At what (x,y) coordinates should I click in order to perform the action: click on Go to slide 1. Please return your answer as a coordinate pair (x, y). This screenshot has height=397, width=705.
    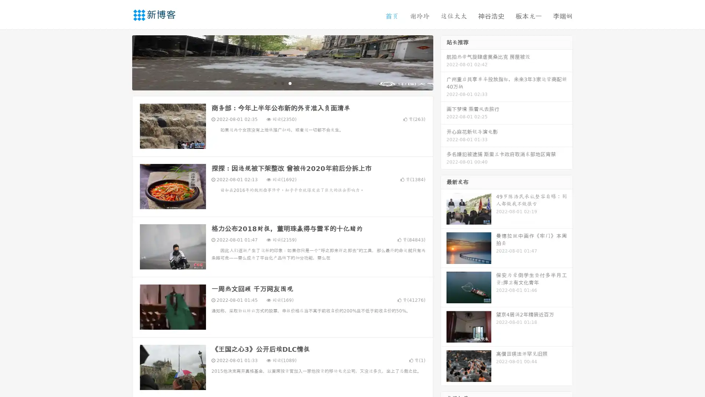
    Looking at the image, I should click on (275, 83).